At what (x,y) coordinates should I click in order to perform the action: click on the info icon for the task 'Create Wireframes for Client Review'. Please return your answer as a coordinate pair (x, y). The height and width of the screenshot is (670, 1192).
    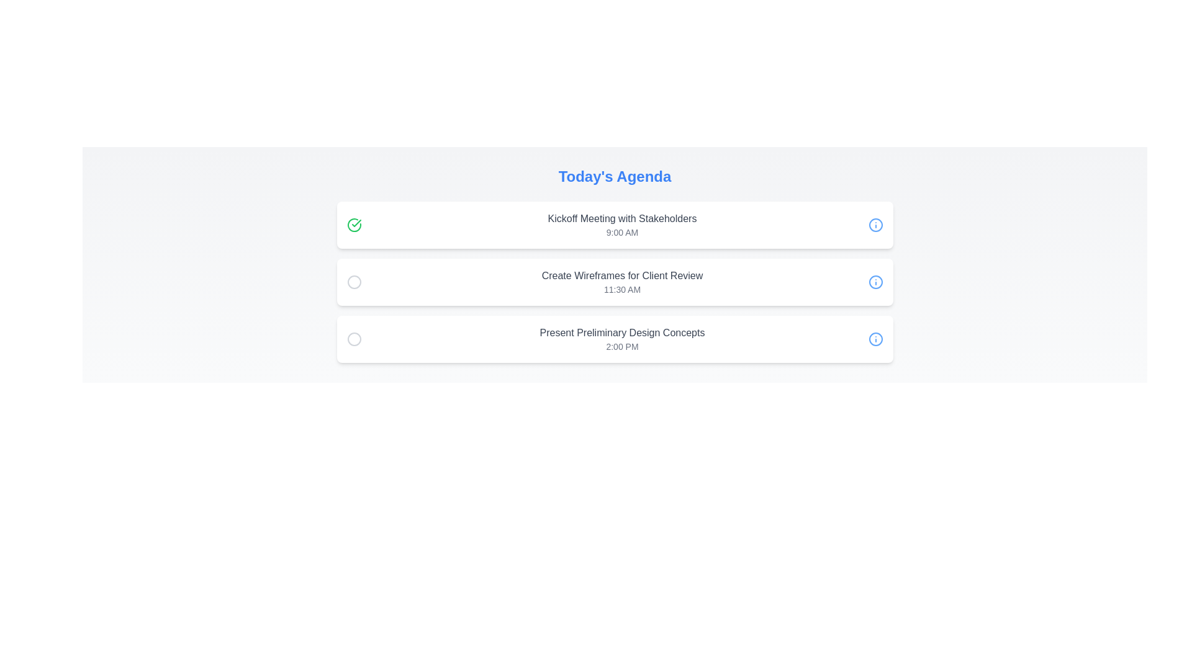
    Looking at the image, I should click on (875, 282).